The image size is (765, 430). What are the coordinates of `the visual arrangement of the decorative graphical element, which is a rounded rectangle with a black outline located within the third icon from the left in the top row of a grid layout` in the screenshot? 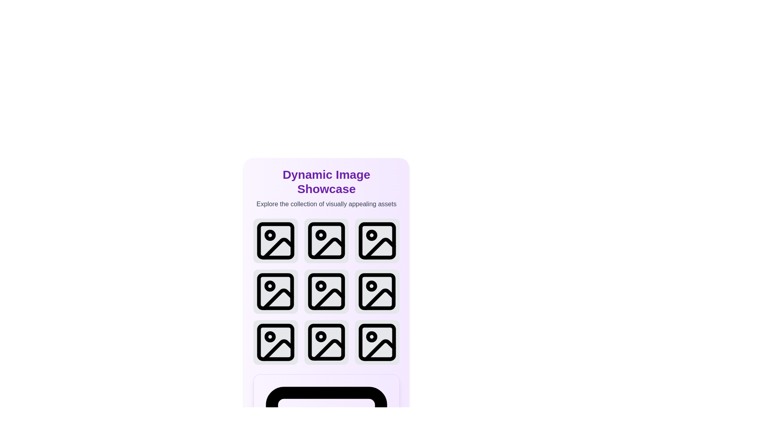 It's located at (377, 240).